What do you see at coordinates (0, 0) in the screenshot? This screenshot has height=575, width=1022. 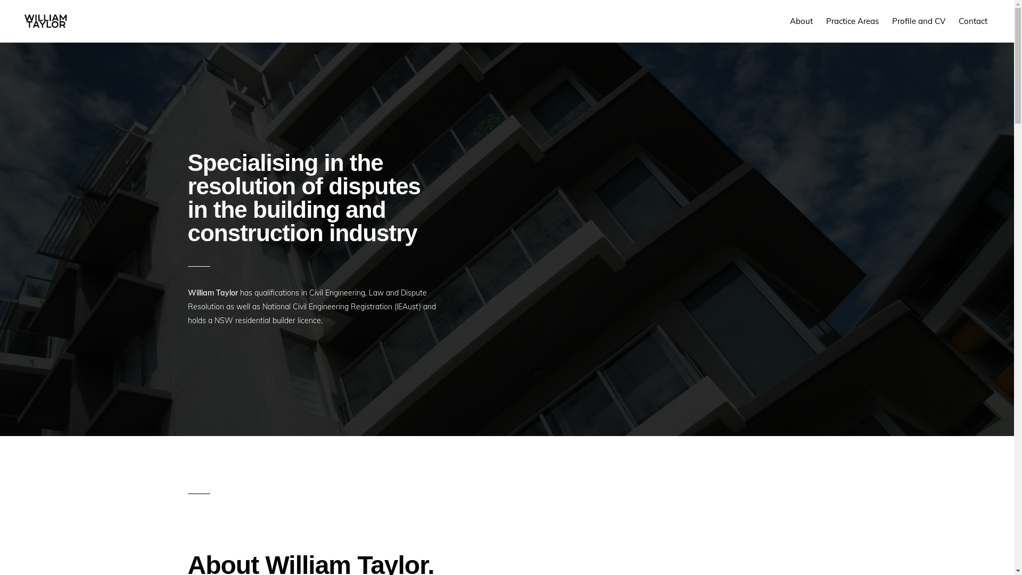 I see `'Skip to primary navigation'` at bounding box center [0, 0].